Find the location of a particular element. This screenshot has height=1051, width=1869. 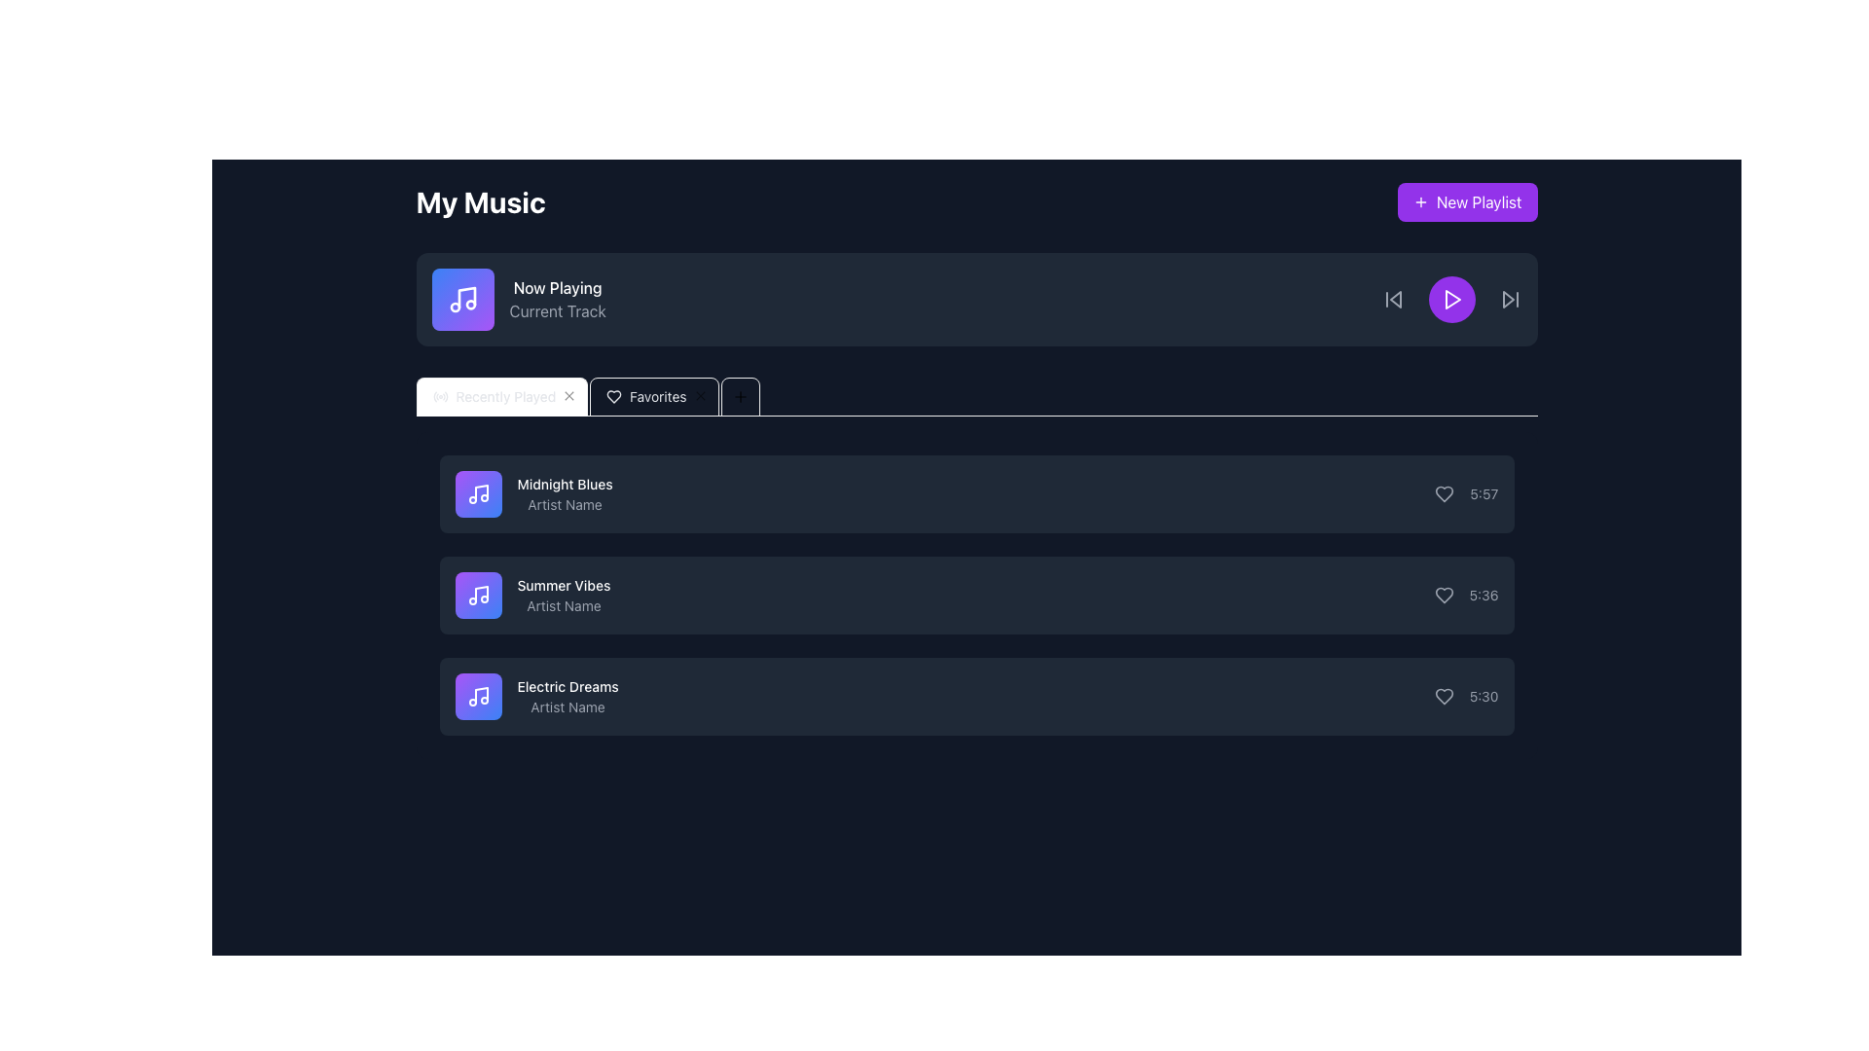

the heart-shaped icon button is located at coordinates (1444, 595).